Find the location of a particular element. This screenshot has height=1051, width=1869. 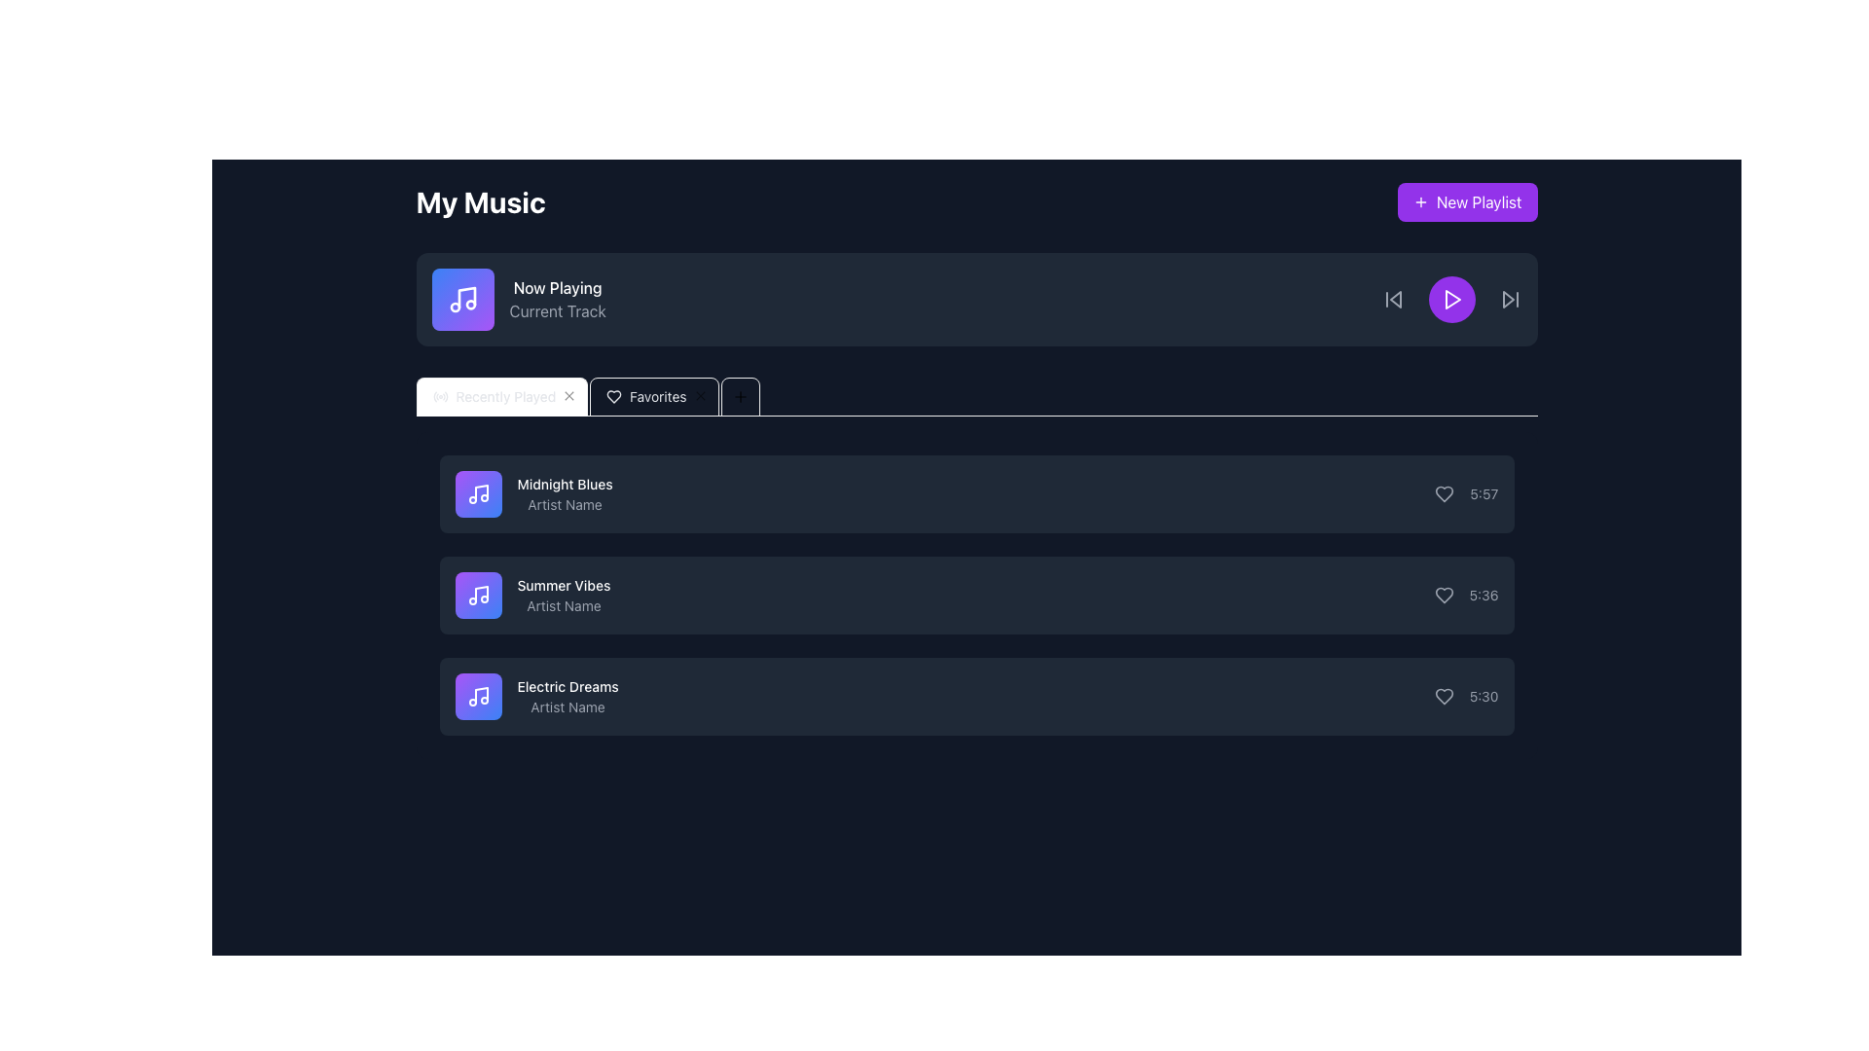

the heart-shaped icon button is located at coordinates (1444, 595).